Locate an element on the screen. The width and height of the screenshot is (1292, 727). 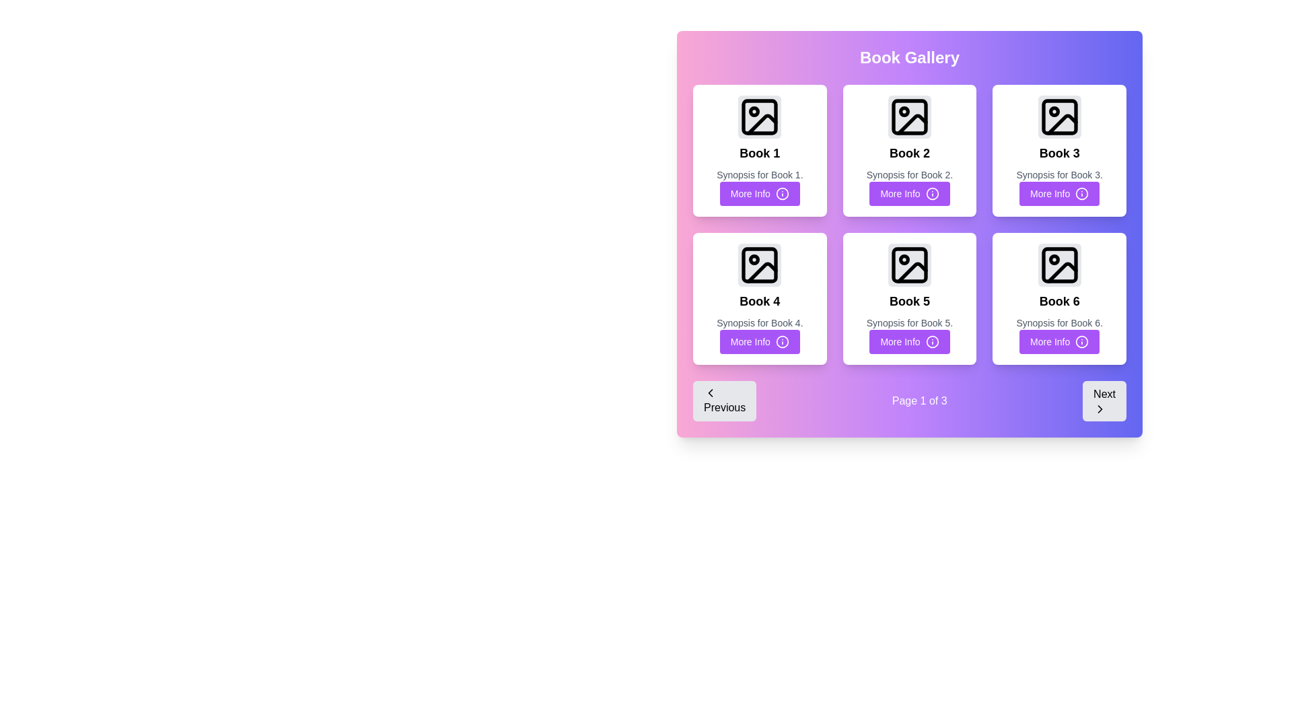
the title text element that serves as the label for the associated book content, positioned centrally in the bottom-right card of a 2-row by 3-column grid layout is located at coordinates (1058, 300).